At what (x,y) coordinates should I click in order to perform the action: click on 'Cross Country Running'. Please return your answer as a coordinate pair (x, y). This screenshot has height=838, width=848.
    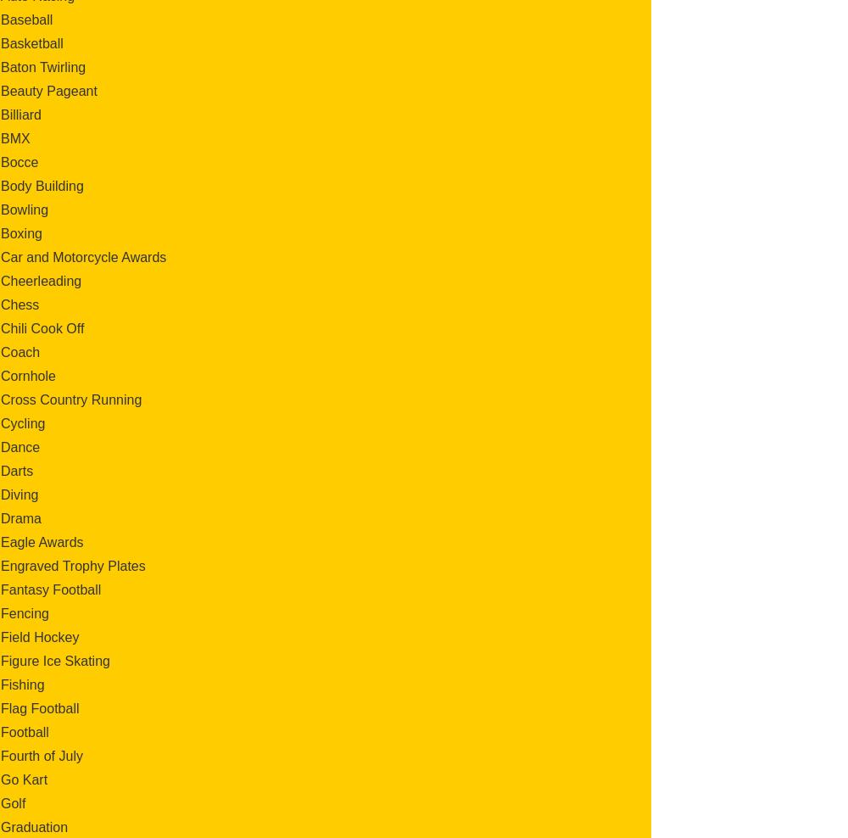
    Looking at the image, I should click on (70, 399).